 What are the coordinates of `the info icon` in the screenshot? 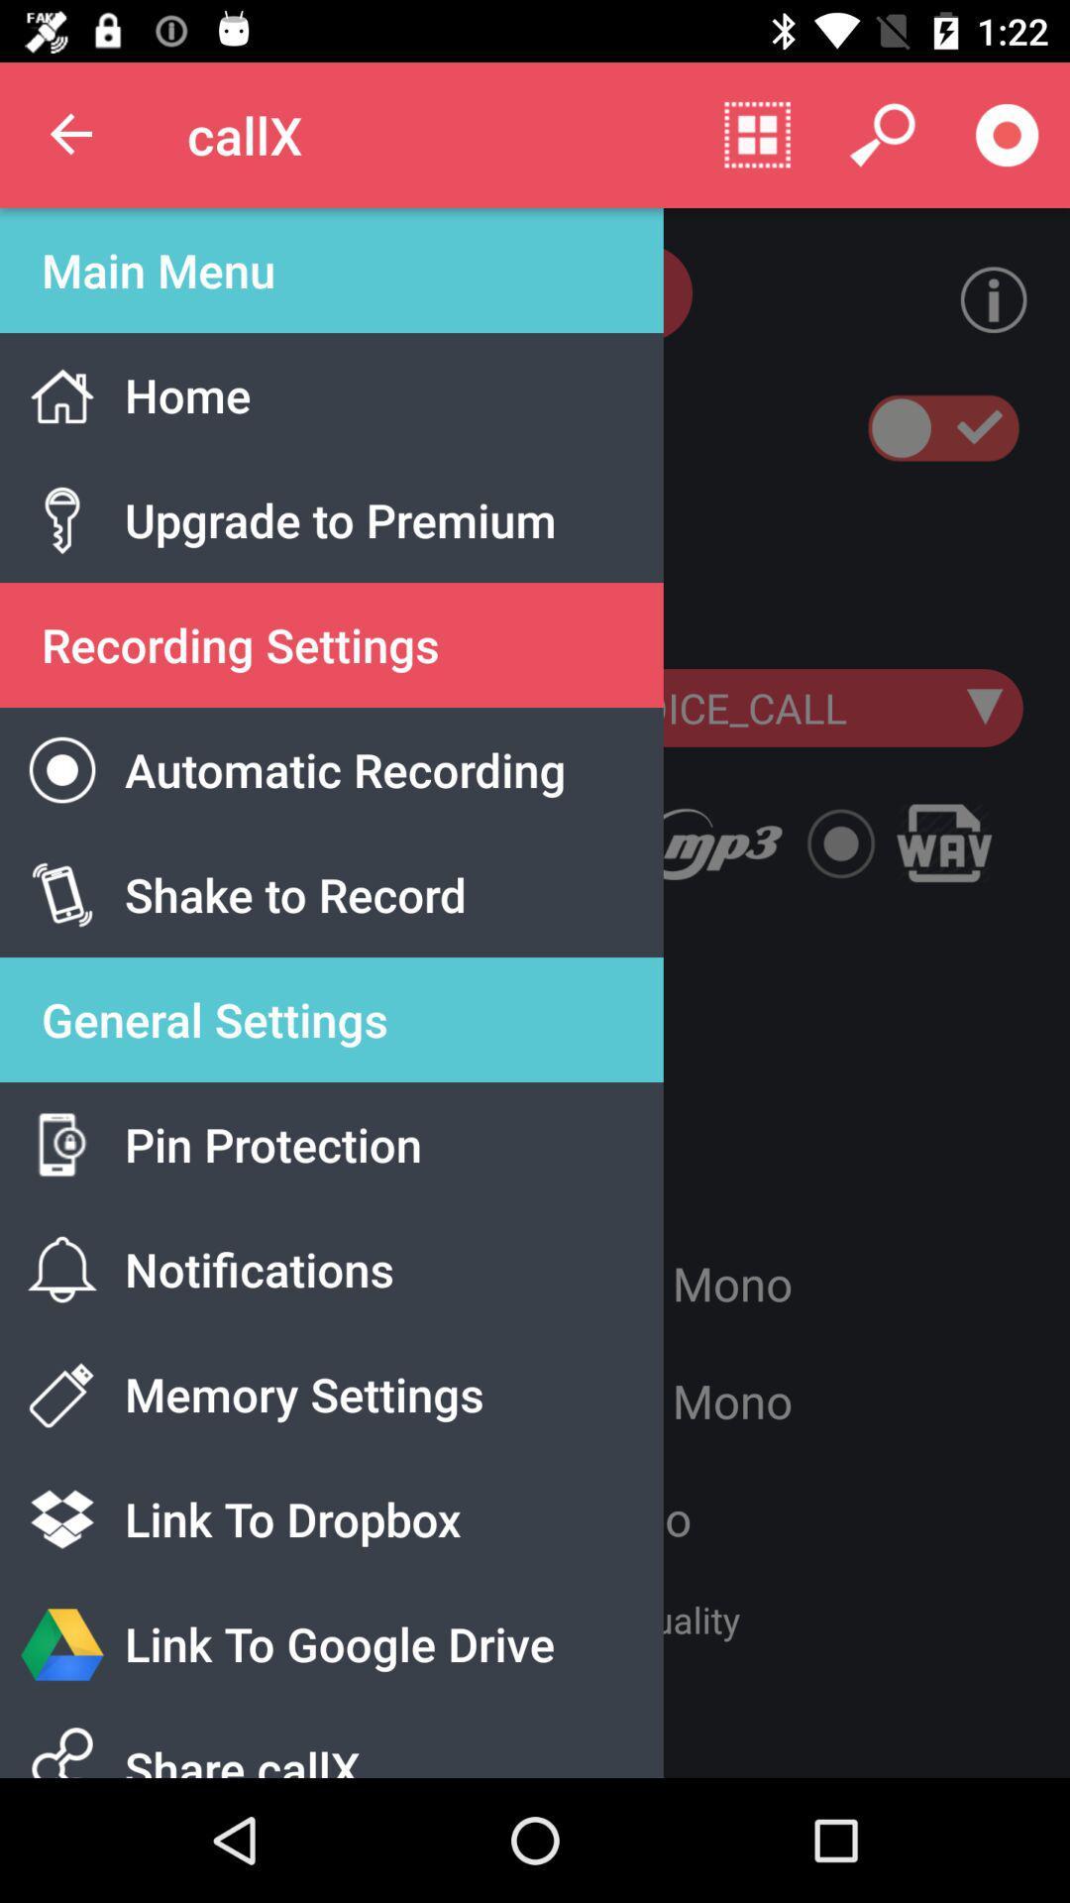 It's located at (1006, 270).